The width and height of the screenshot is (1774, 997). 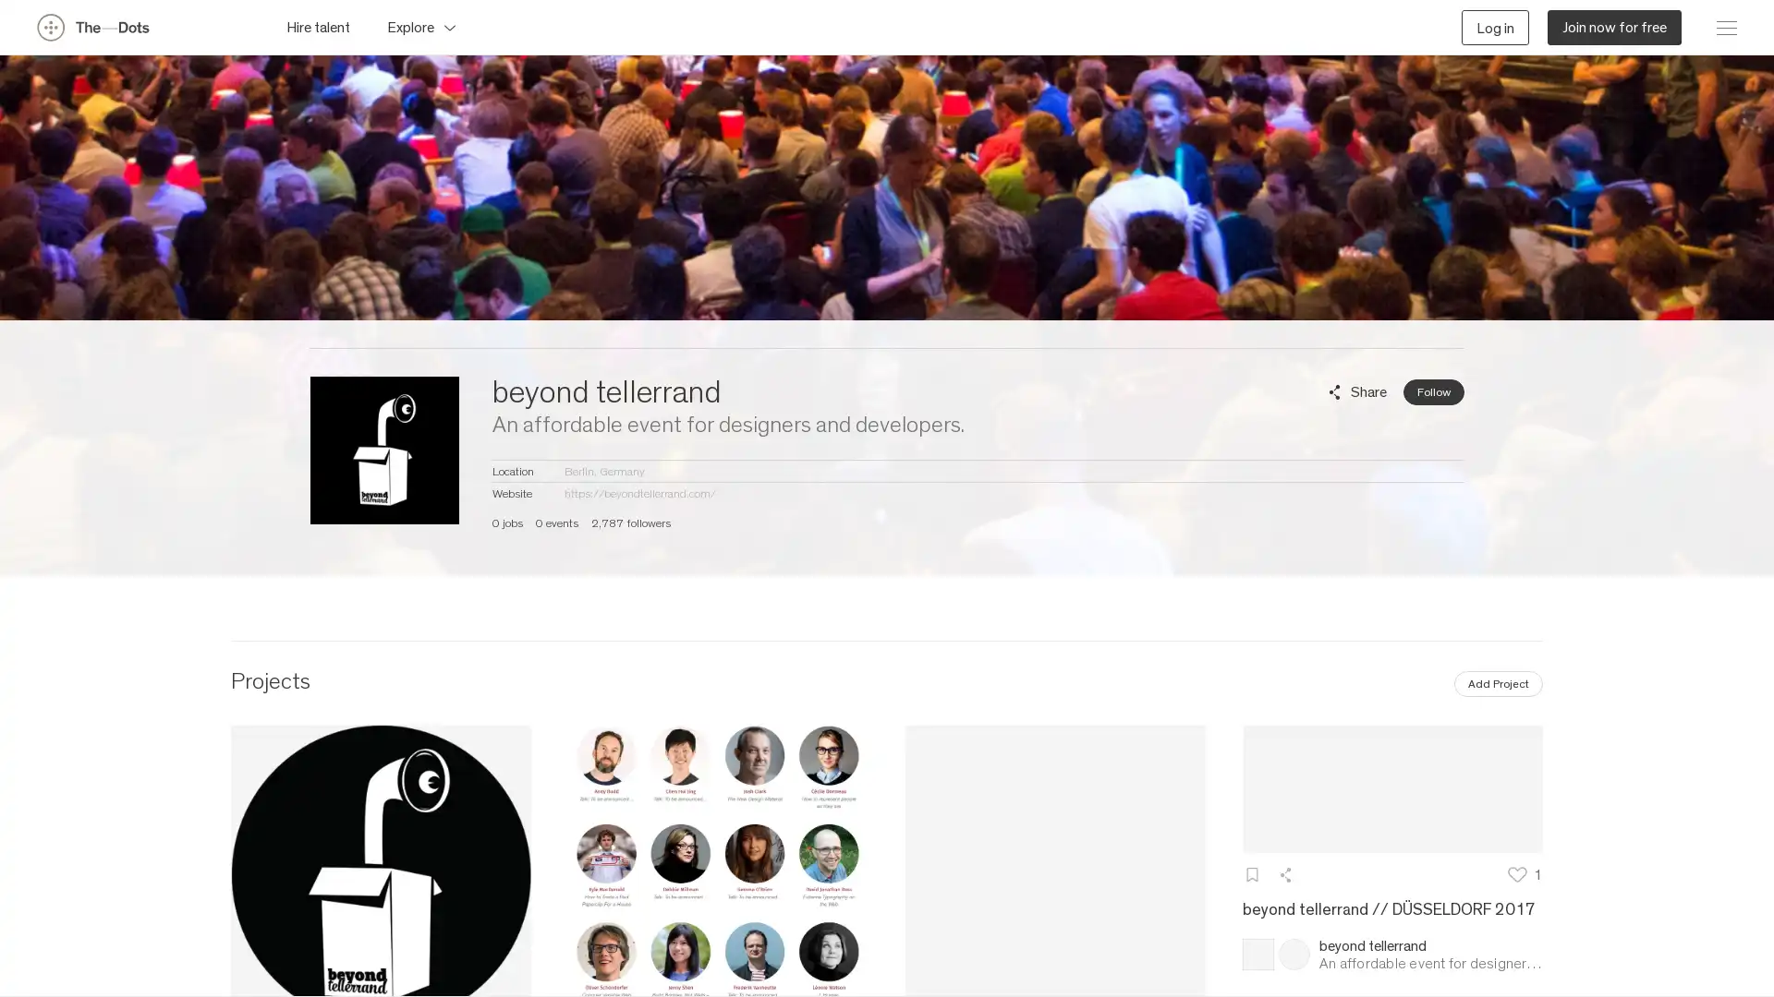 What do you see at coordinates (1251, 872) in the screenshot?
I see `Save` at bounding box center [1251, 872].